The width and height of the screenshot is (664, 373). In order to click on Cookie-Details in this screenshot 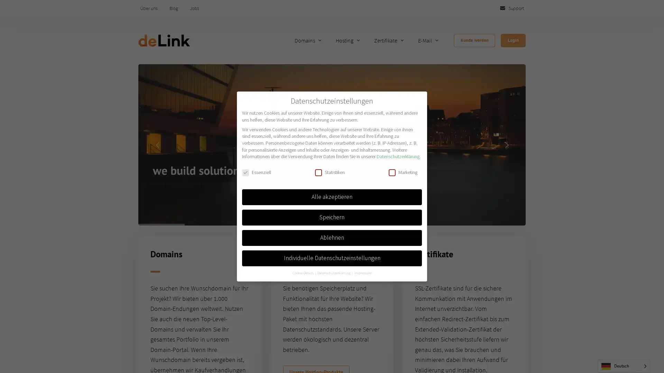, I will do `click(303, 272)`.